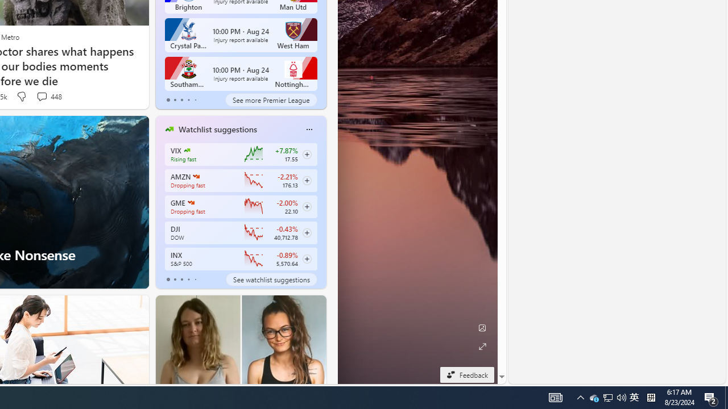  What do you see at coordinates (307, 258) in the screenshot?
I see `'Class: follow-button  m'` at bounding box center [307, 258].